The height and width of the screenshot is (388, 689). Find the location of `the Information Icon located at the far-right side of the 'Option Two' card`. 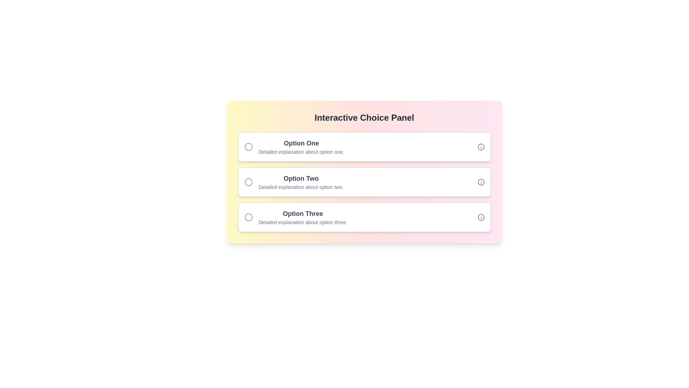

the Information Icon located at the far-right side of the 'Option Two' card is located at coordinates (481, 181).